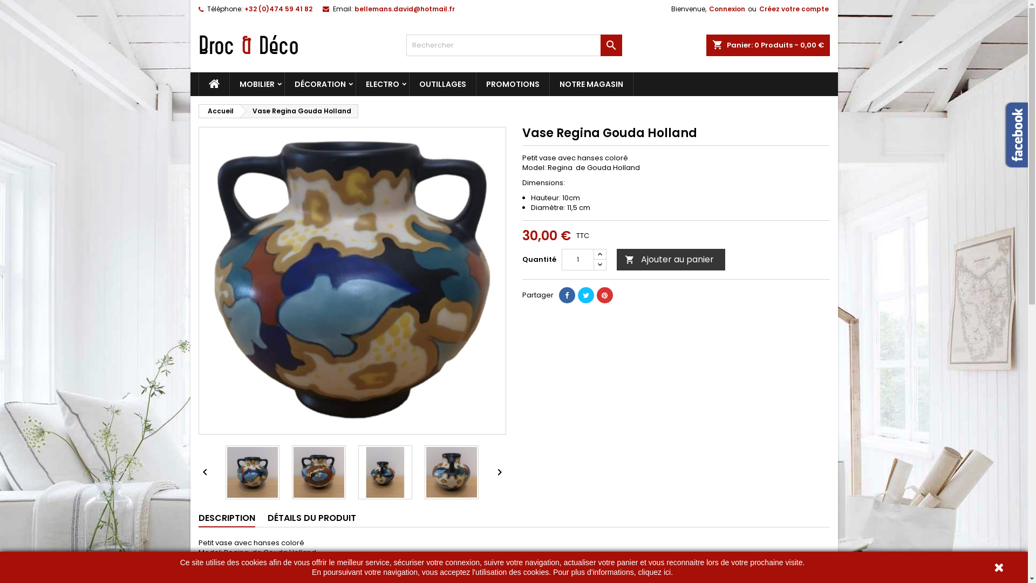 This screenshot has width=1036, height=583. Describe the element at coordinates (277, 9) in the screenshot. I see `'+32 (0)474 59 41 82'` at that location.